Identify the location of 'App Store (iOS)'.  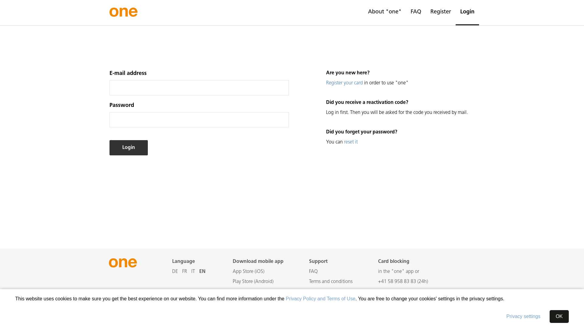
(232, 271).